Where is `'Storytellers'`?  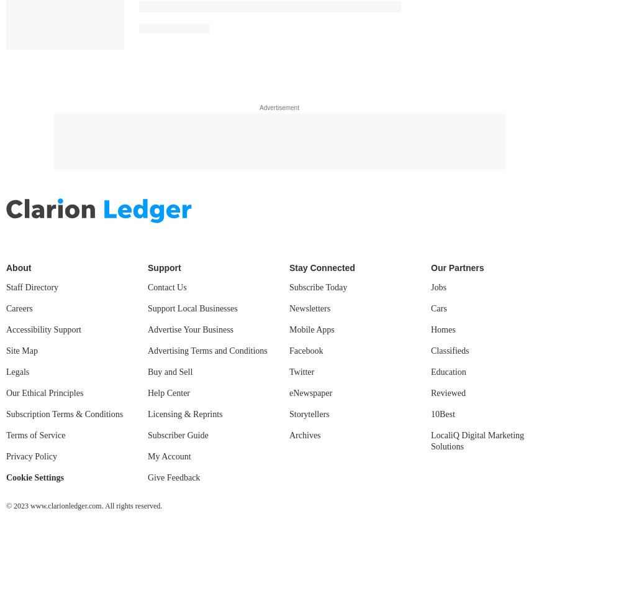
'Storytellers' is located at coordinates (309, 413).